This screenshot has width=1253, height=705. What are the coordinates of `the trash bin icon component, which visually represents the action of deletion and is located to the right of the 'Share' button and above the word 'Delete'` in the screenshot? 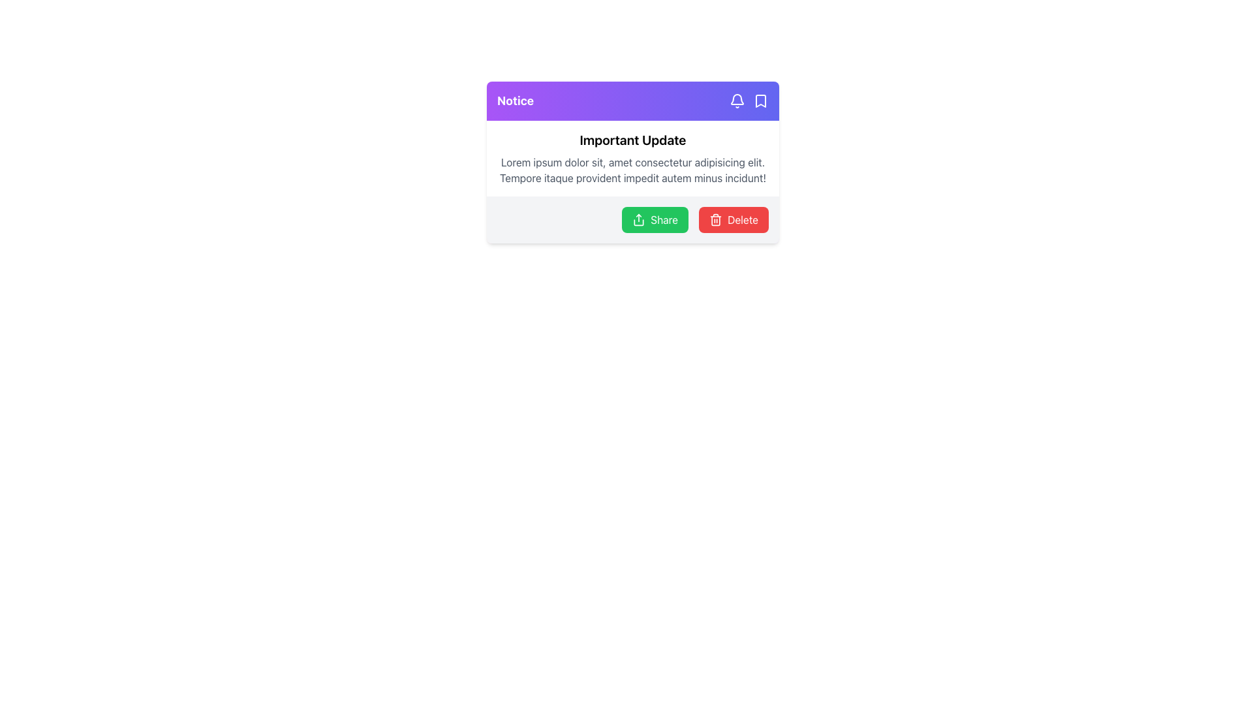 It's located at (715, 220).